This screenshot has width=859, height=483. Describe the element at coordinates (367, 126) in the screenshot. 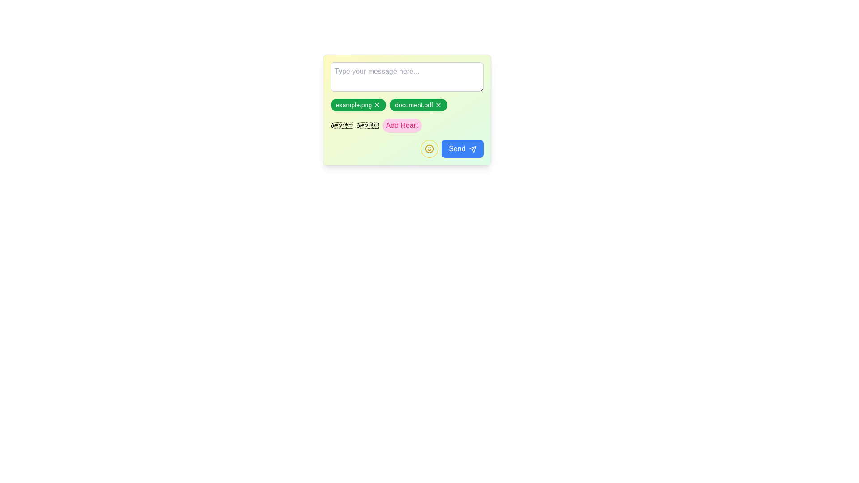

I see `the thumbs-up emoji icon, which is the second element among its siblings in a horizontal arrangement, indicating approval or liking` at that location.